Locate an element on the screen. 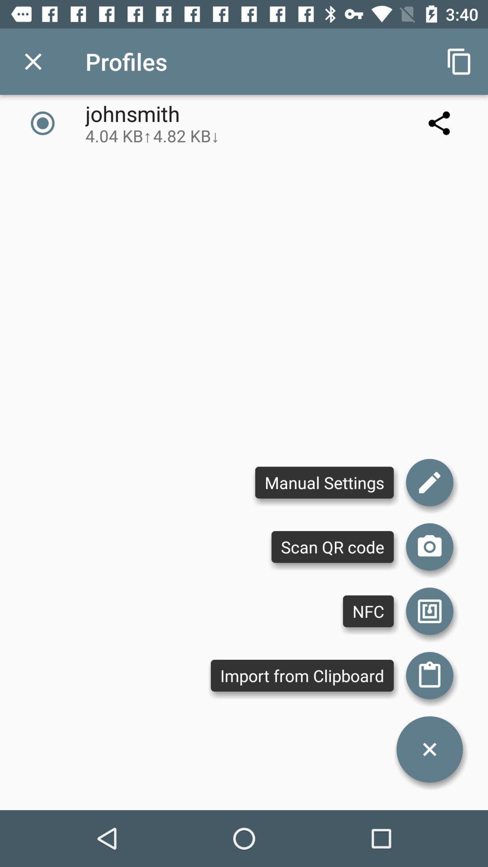 The height and width of the screenshot is (867, 488). the close icon is located at coordinates (429, 749).